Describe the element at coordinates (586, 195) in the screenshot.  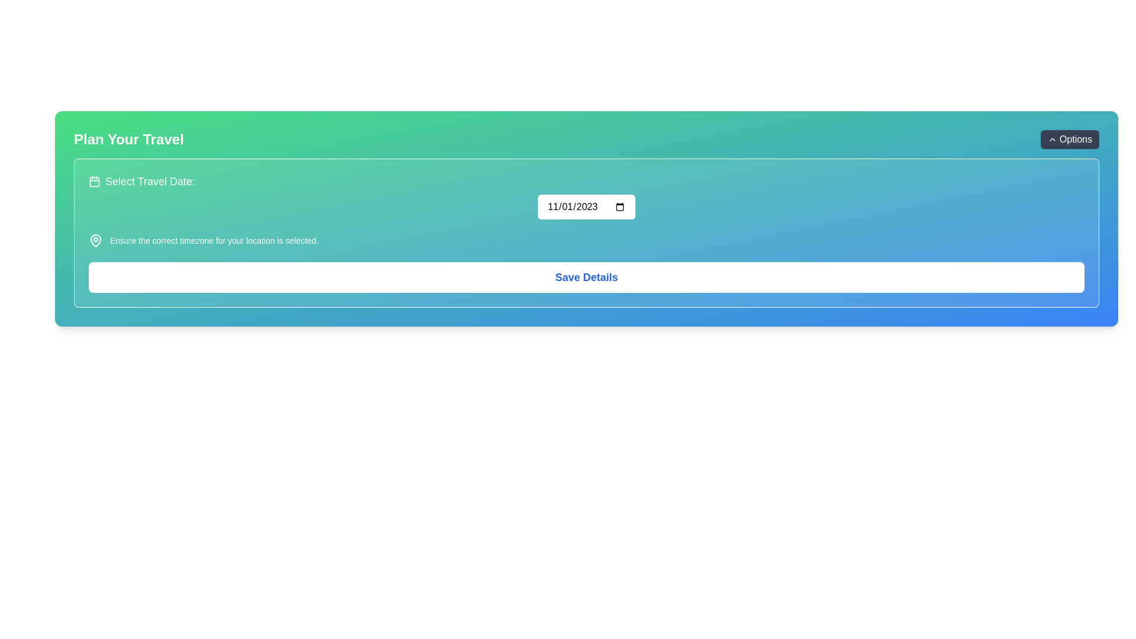
I see `a date from the calendar view in the date picker component located at the upper portion of the 'Plan Your Travel' section, which includes a label, icon, and an input field for date selection` at that location.